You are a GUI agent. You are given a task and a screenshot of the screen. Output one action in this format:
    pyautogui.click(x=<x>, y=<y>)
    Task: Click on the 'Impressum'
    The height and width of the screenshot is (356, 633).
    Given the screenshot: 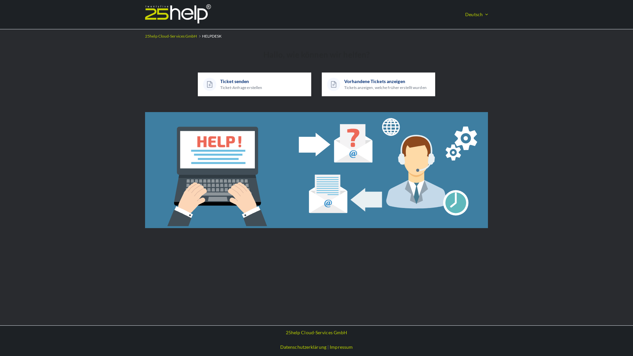 What is the action you would take?
    pyautogui.click(x=341, y=346)
    